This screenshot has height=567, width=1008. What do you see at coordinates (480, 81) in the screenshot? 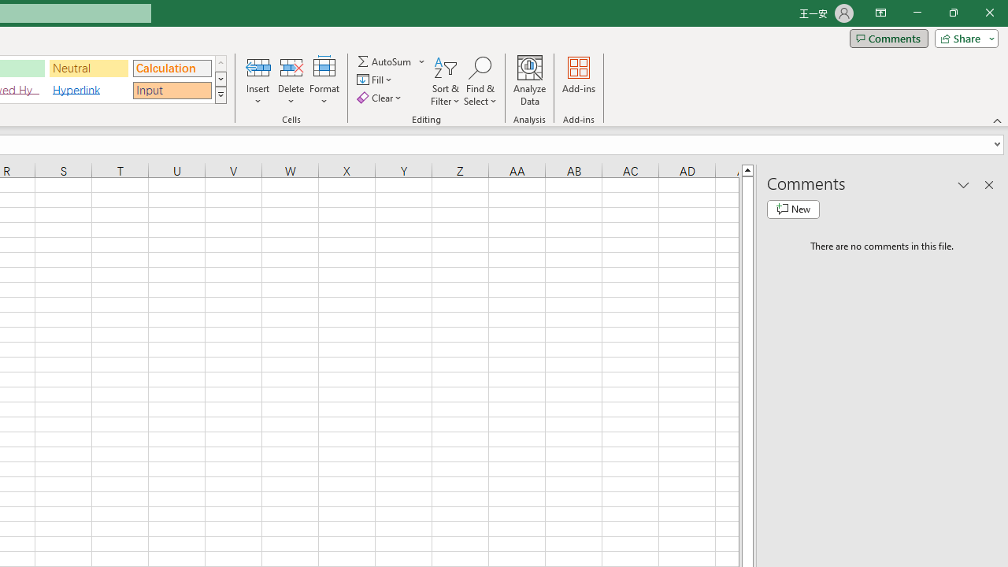
I see `'Find & Select'` at bounding box center [480, 81].